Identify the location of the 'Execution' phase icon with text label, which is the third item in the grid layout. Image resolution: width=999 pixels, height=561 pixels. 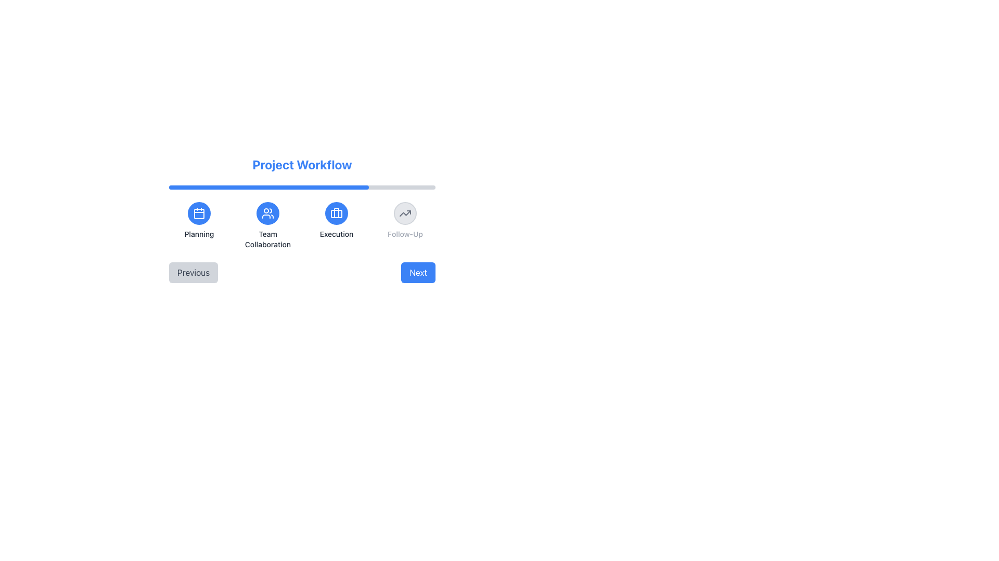
(337, 225).